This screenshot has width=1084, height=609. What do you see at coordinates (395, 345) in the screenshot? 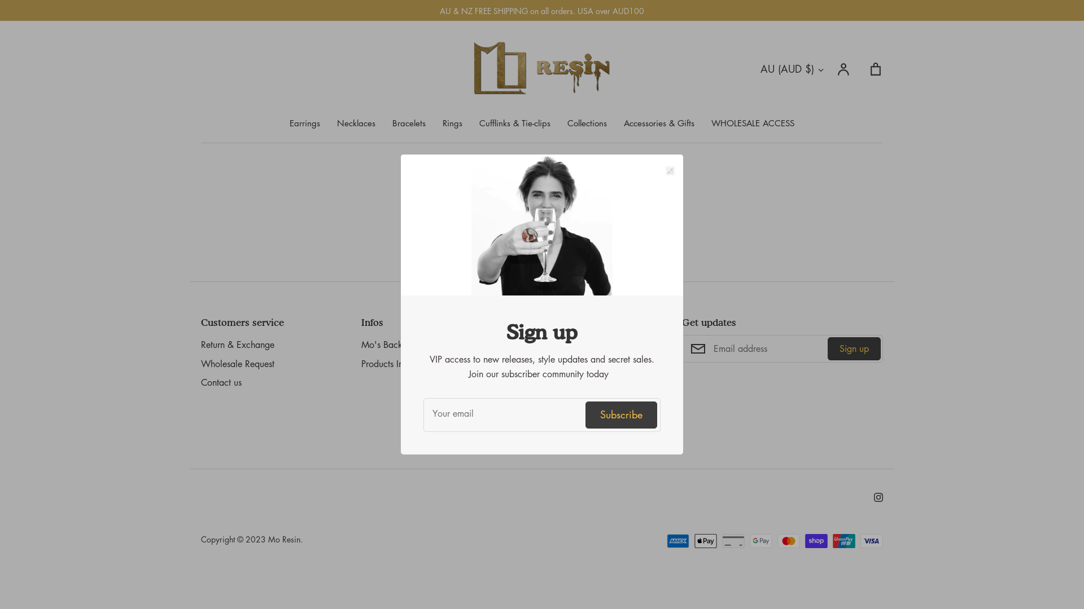
I see `'Mo's Background'` at bounding box center [395, 345].